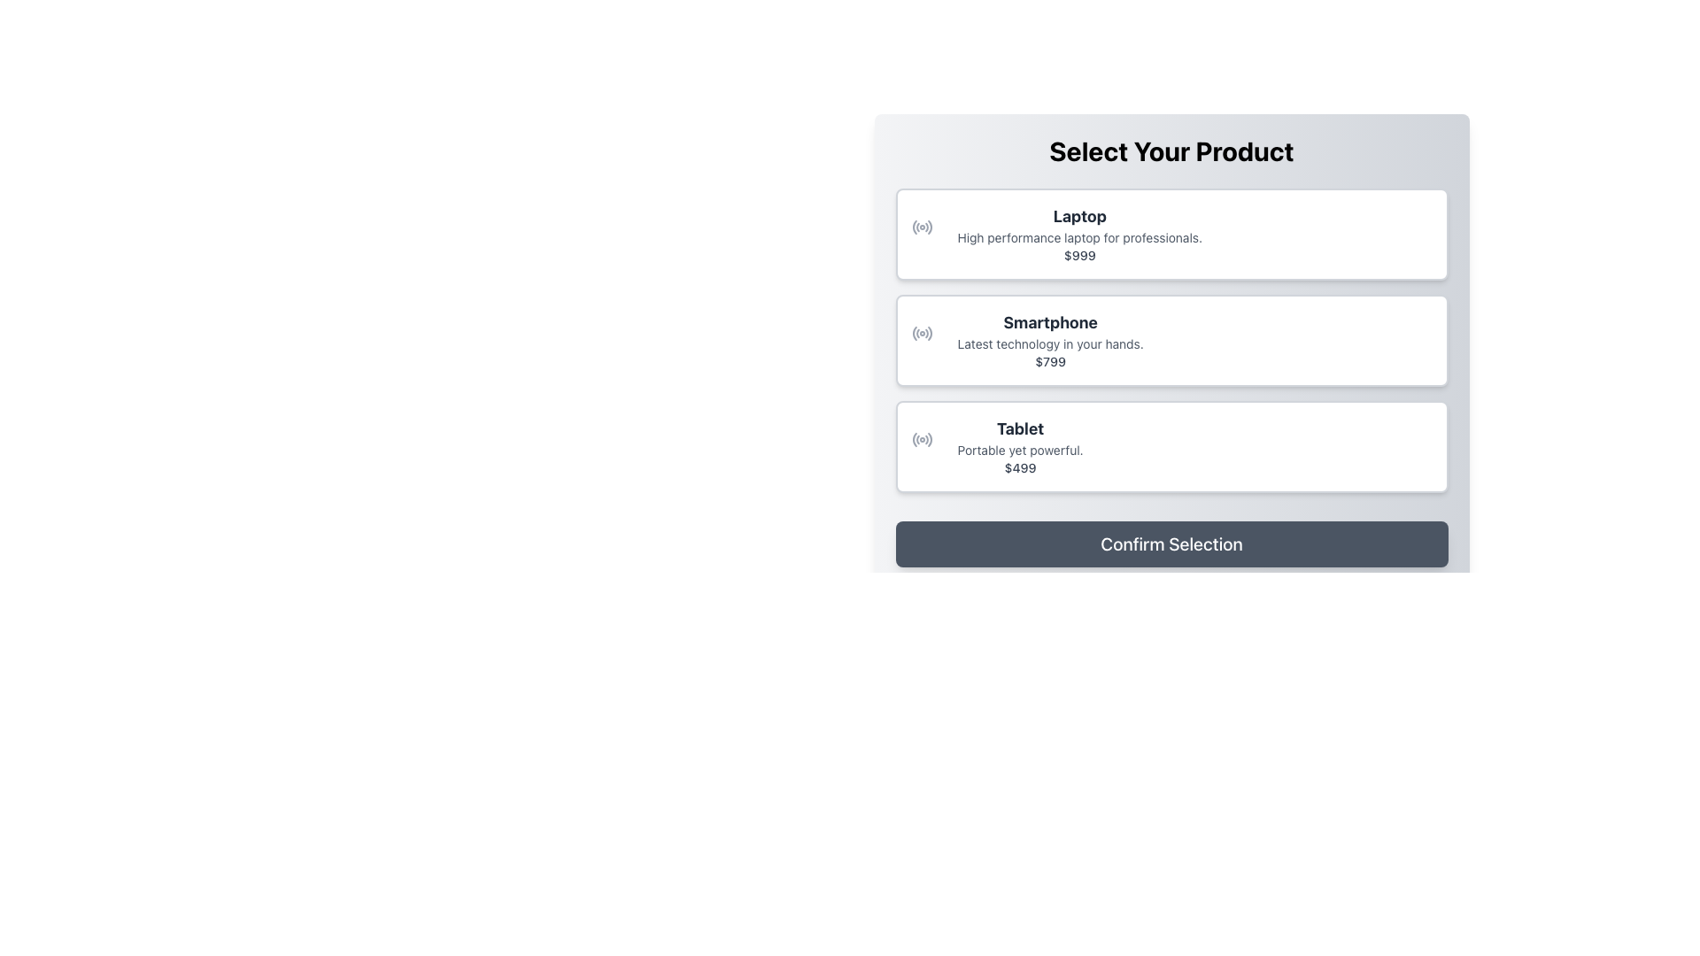 The width and height of the screenshot is (1700, 956). What do you see at coordinates (921, 334) in the screenshot?
I see `the Smartphone category icon, which visually represents the category of the 'Smartphone' product option in the vertical list of product categories` at bounding box center [921, 334].